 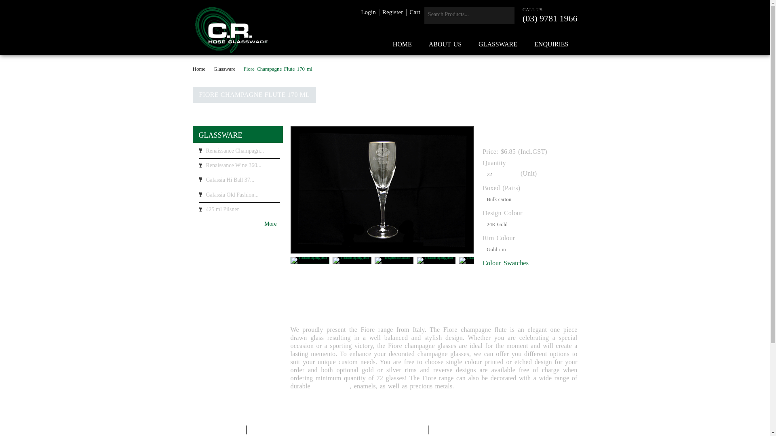 I want to click on 'HOME', so click(x=402, y=44).